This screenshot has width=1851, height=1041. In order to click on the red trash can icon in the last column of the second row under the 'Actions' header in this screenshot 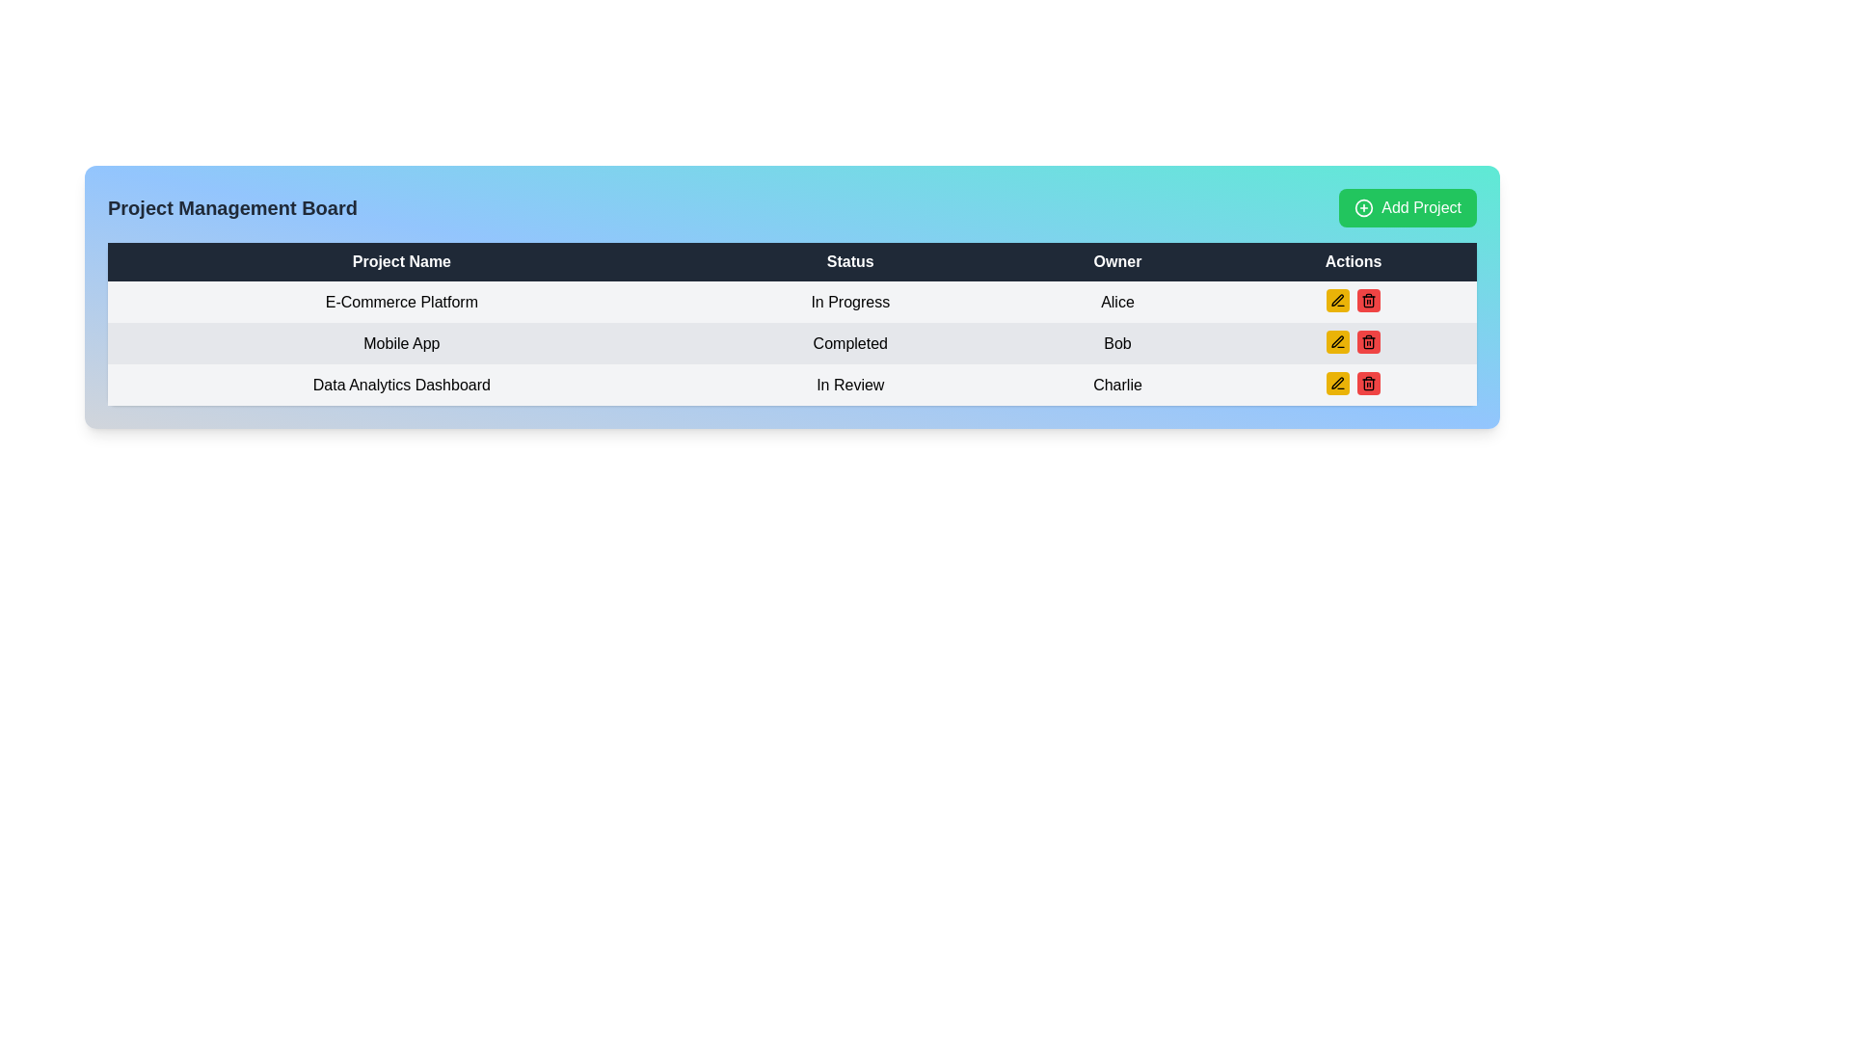, I will do `click(1368, 340)`.